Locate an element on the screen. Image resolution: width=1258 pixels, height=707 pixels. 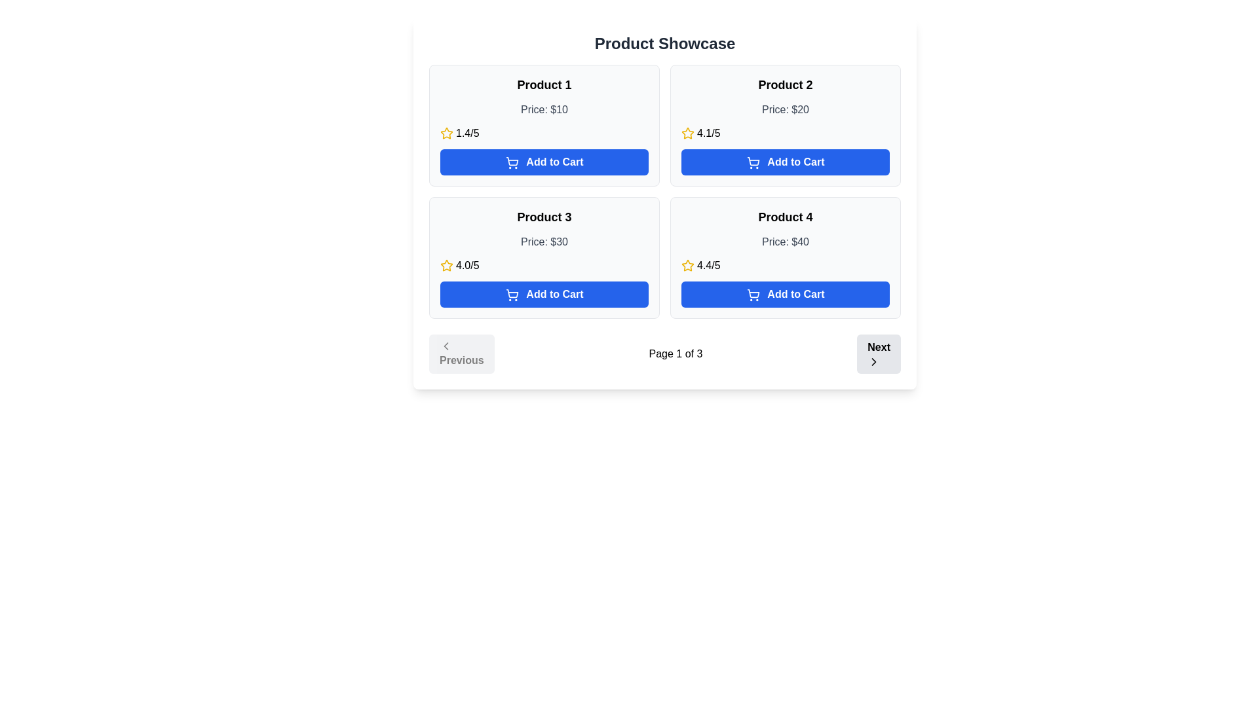
the 'Add to Cart' button located in the first row and first column of the product grid, which features a blue background, white text, and a shopping cart icon is located at coordinates (544, 161).